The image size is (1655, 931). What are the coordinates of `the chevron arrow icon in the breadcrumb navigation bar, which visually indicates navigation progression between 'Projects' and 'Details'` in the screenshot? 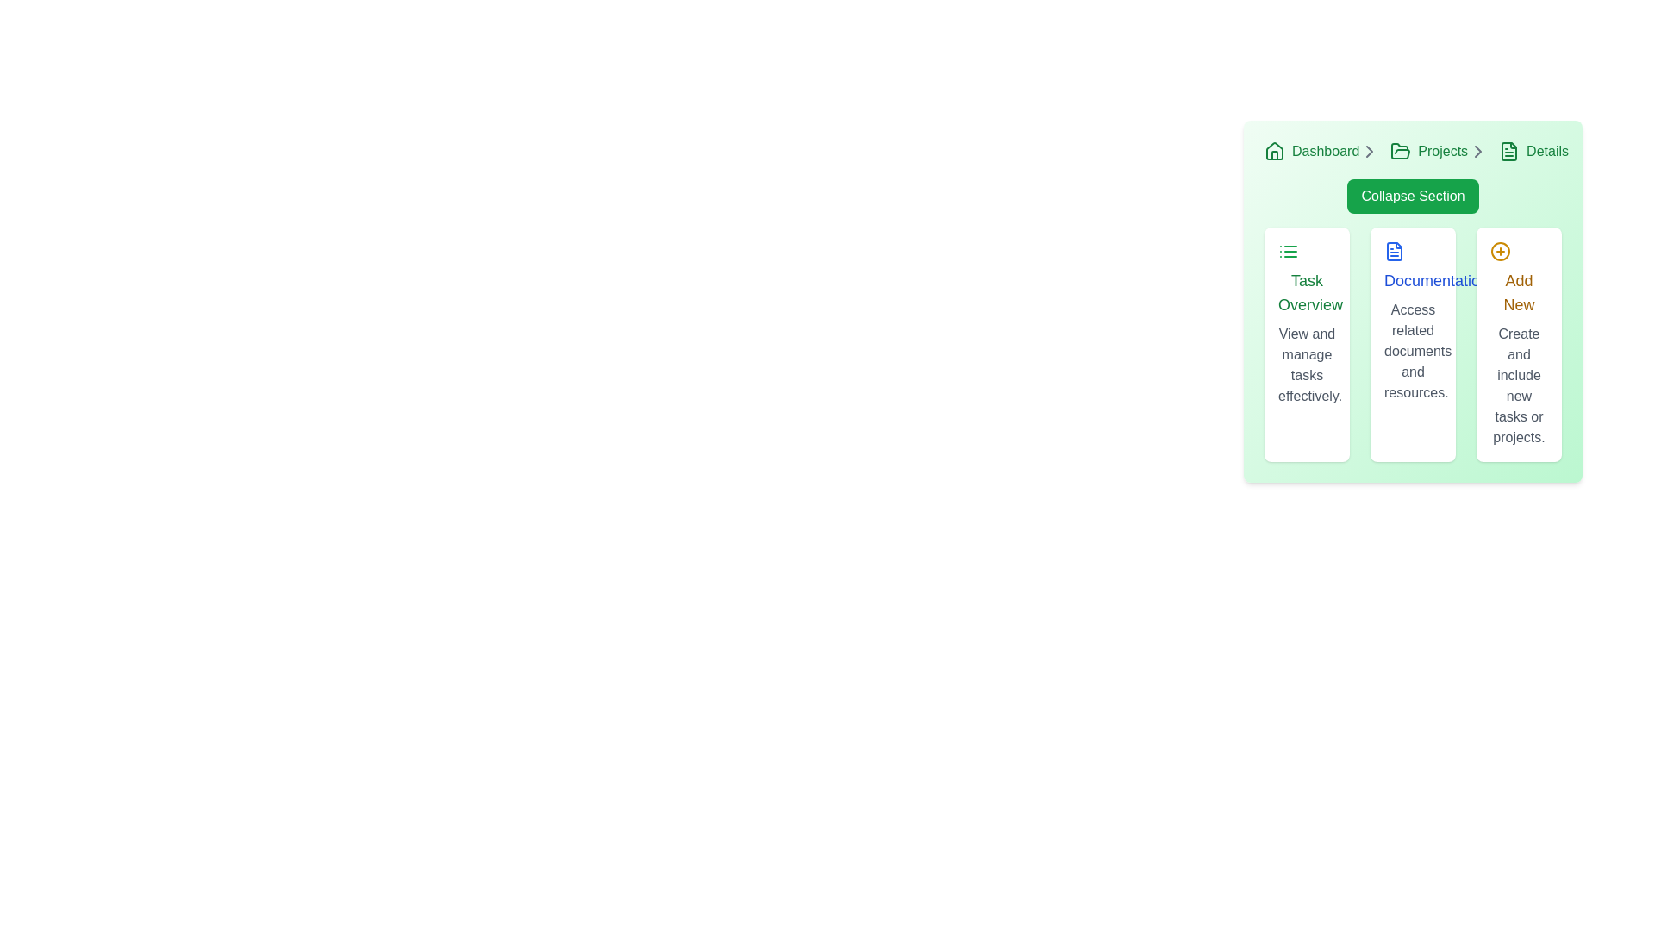 It's located at (1477, 151).